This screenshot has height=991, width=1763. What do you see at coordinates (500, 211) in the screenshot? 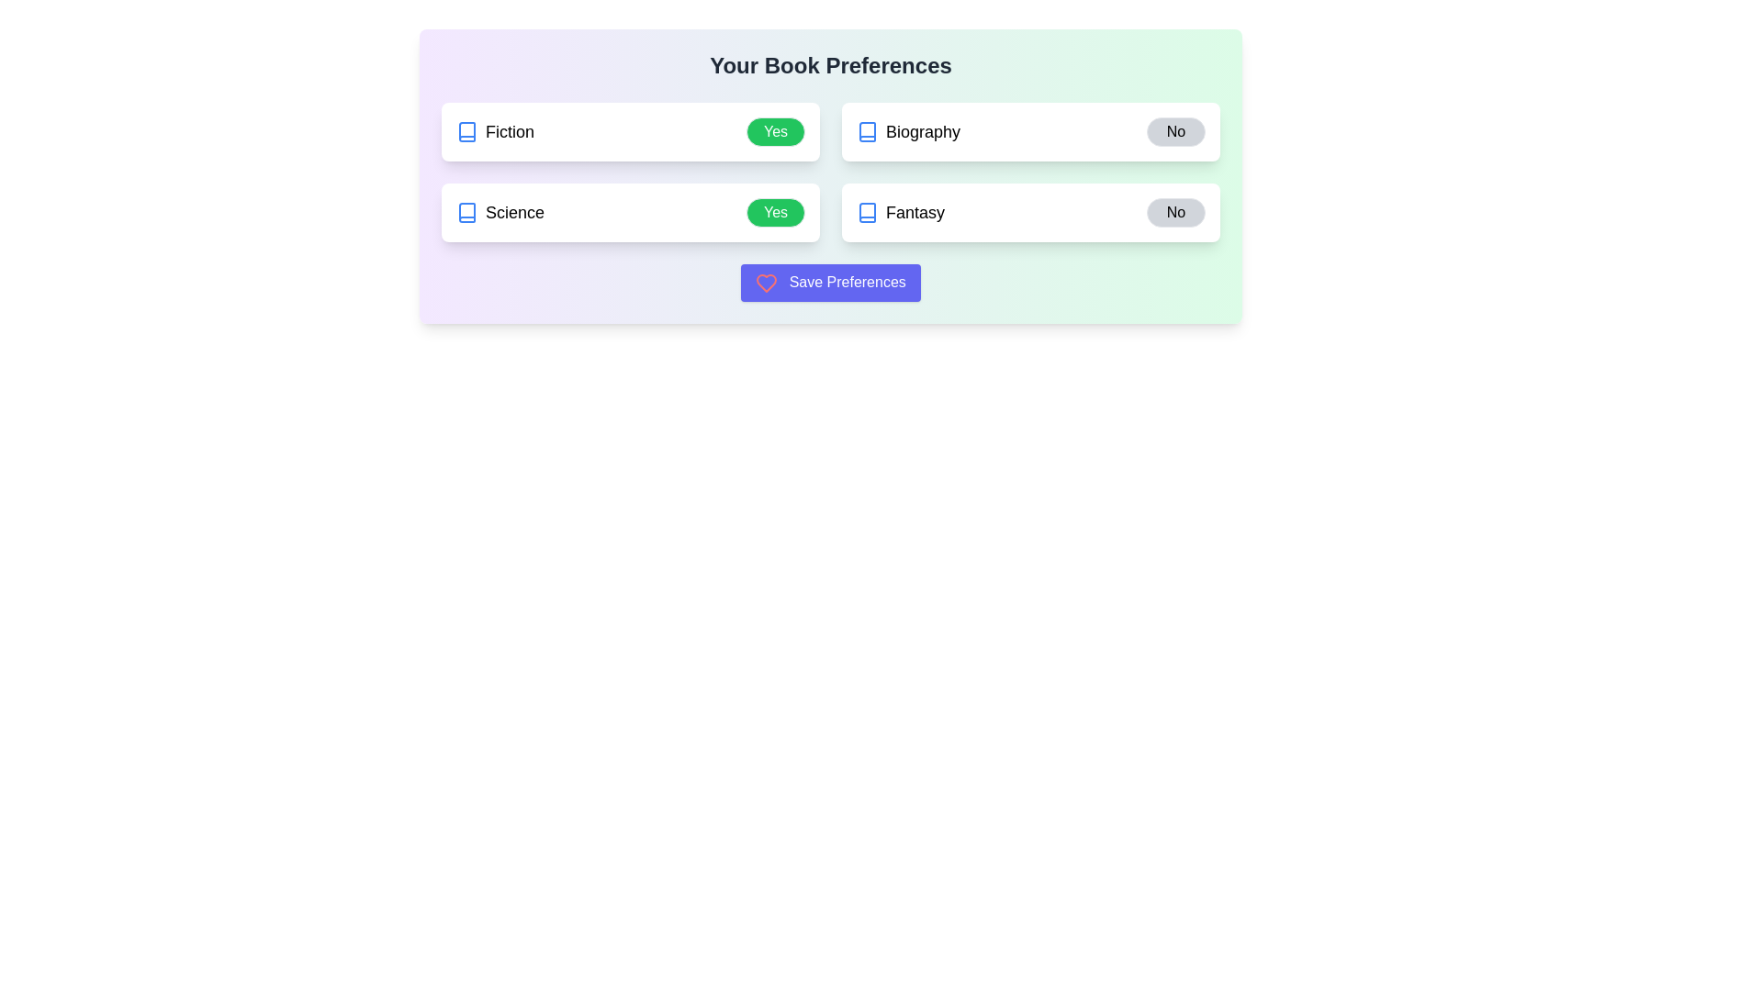
I see `the Science to observe feedback` at bounding box center [500, 211].